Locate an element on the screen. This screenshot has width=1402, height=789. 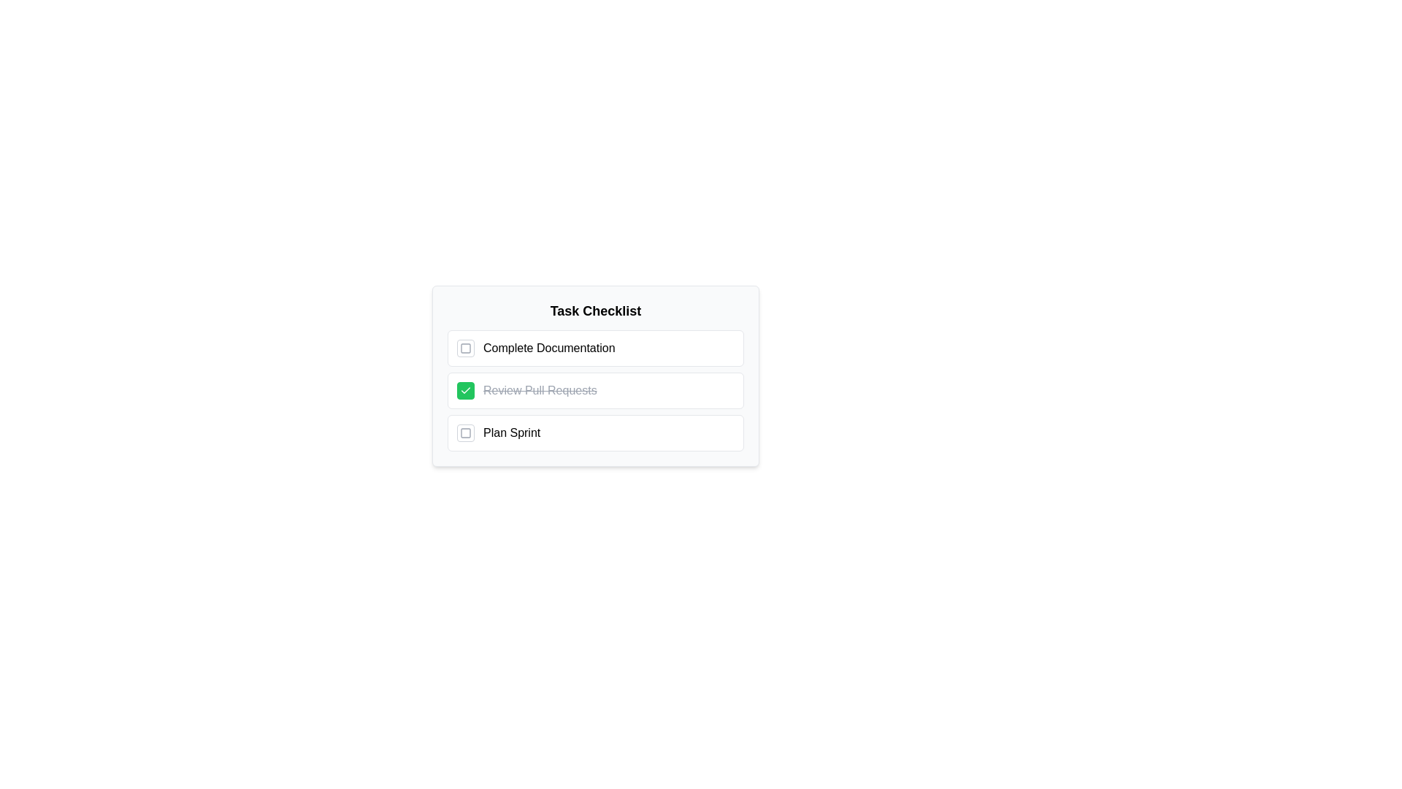
the inner rectangle of the SVG element that visually indicates the state for the 'Plan Sprint' item in the checklist is located at coordinates (465, 432).